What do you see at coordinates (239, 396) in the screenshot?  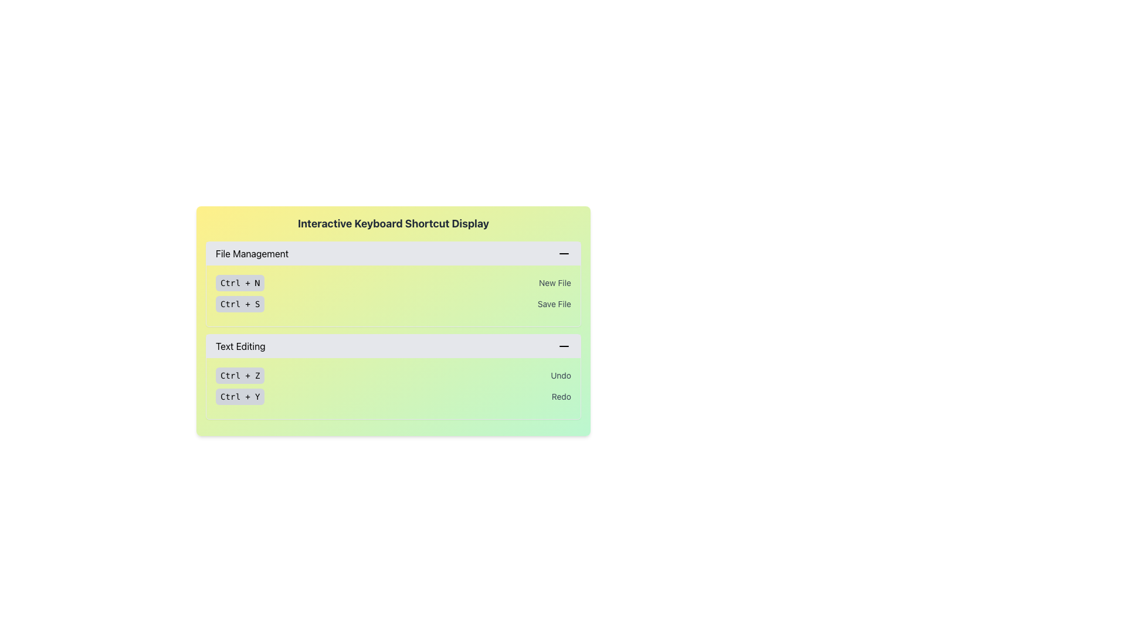 I see `the non-interactive label indicating the 'Ctrl + Y' keyboard shortcut for the 'Redo' action, which is located to the right of the 'Redo' button in the 'Text Editing' section` at bounding box center [239, 396].